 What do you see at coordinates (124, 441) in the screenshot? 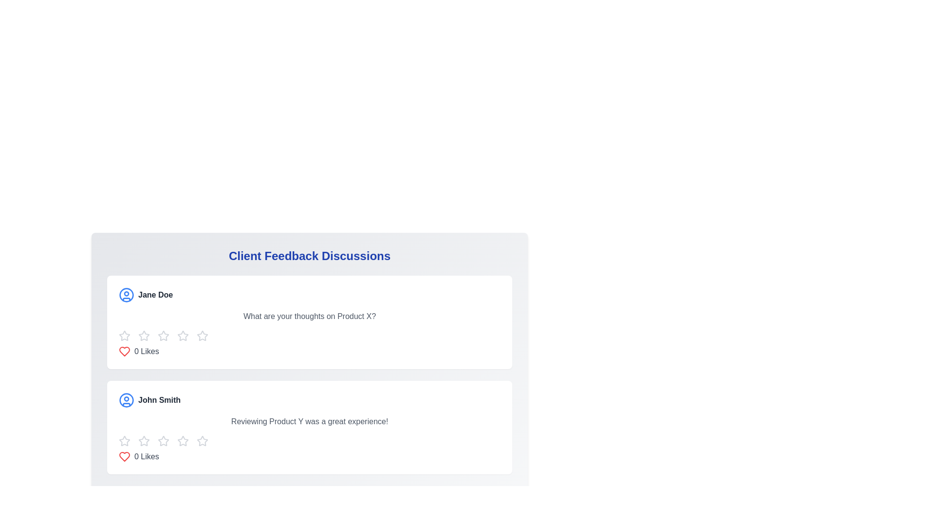
I see `the first star in the rating section under the user review titled 'John Smith', which is a selectable and interactive UI element` at bounding box center [124, 441].